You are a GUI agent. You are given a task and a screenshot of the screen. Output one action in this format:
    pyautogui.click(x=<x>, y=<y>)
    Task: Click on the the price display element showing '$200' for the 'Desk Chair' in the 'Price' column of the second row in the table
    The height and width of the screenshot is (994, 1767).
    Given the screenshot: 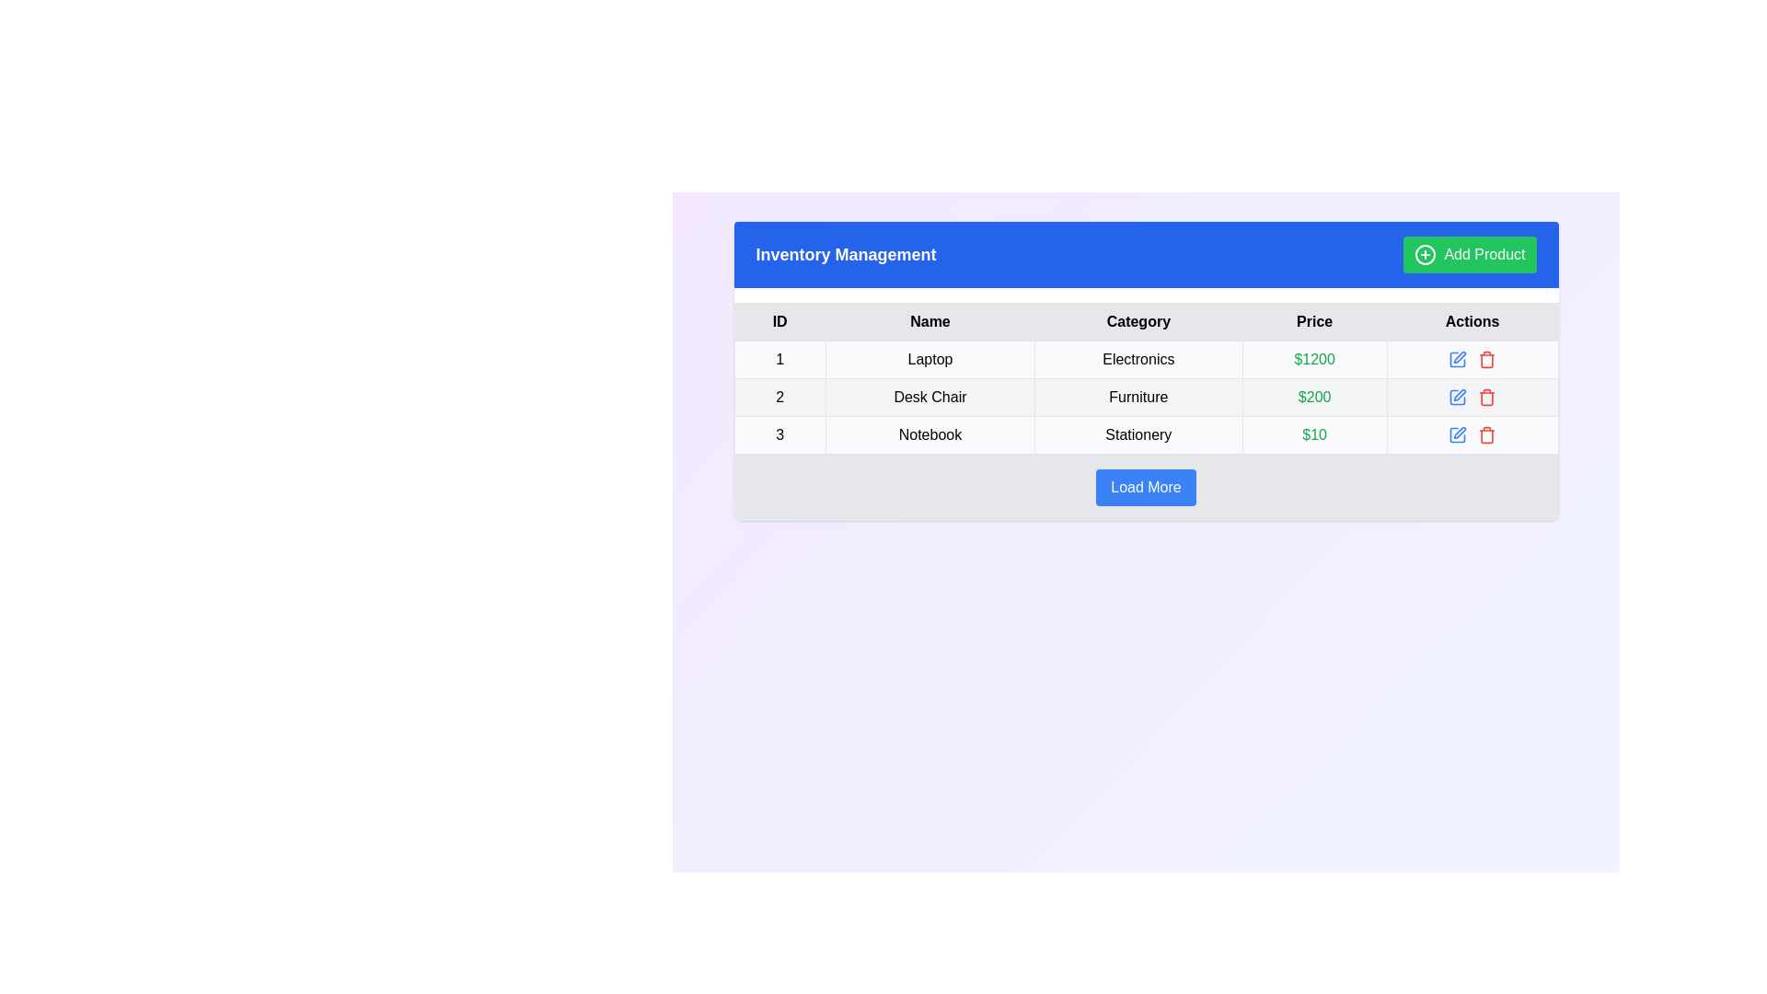 What is the action you would take?
    pyautogui.click(x=1313, y=397)
    